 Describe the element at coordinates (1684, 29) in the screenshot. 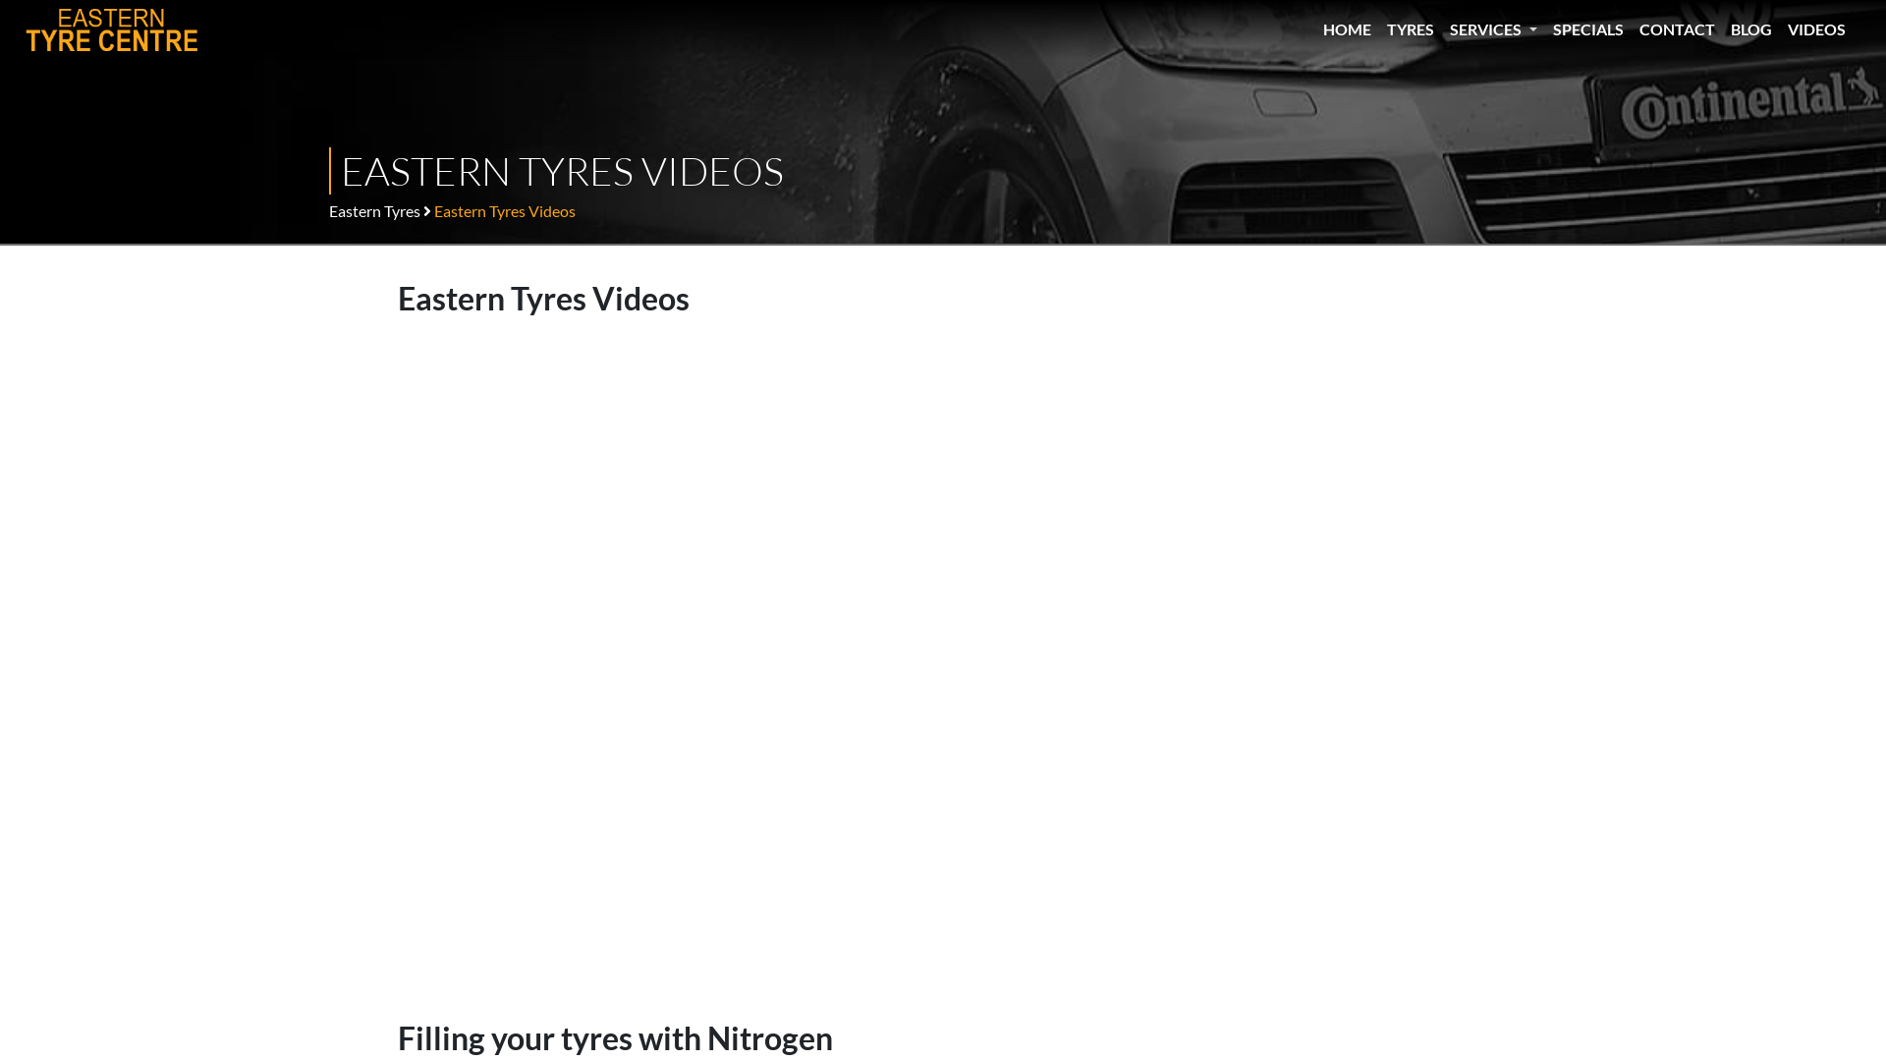

I see `'CONTACT'` at that location.